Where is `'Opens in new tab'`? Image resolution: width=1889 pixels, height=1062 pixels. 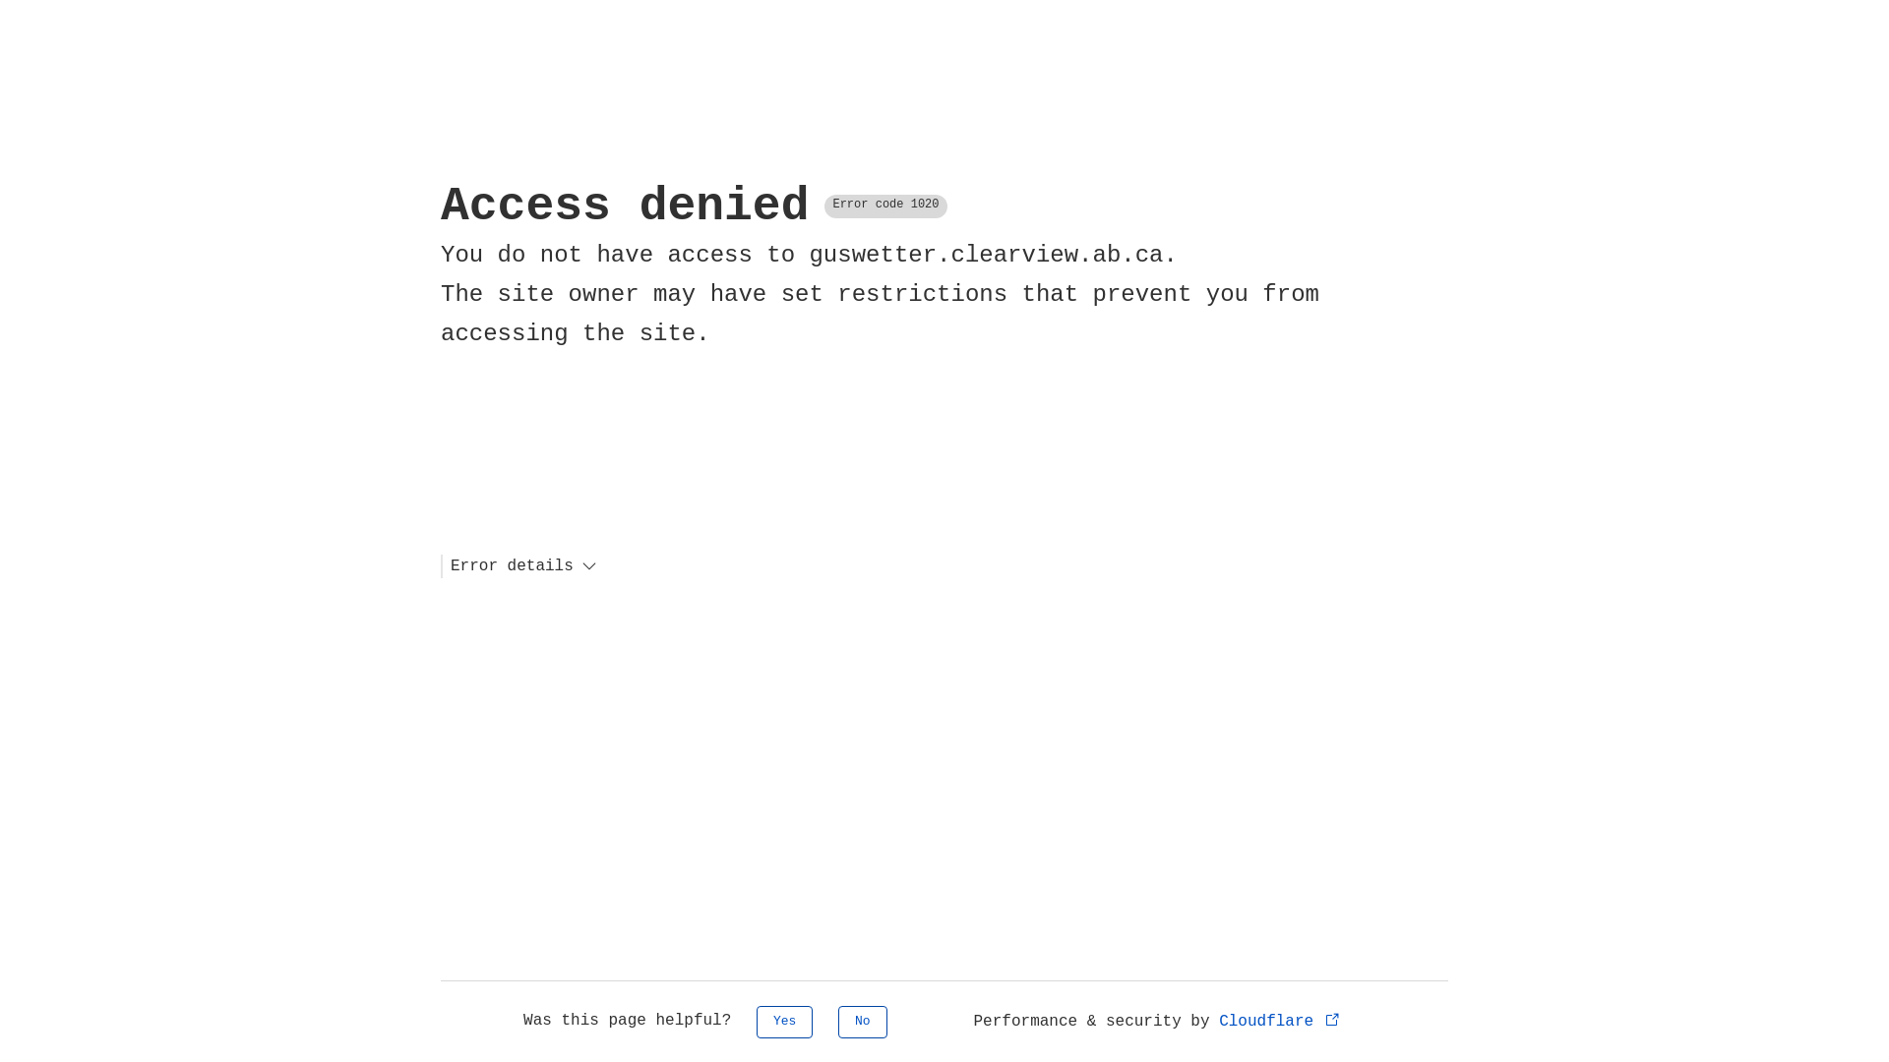 'Opens in new tab' is located at coordinates (1332, 1018).